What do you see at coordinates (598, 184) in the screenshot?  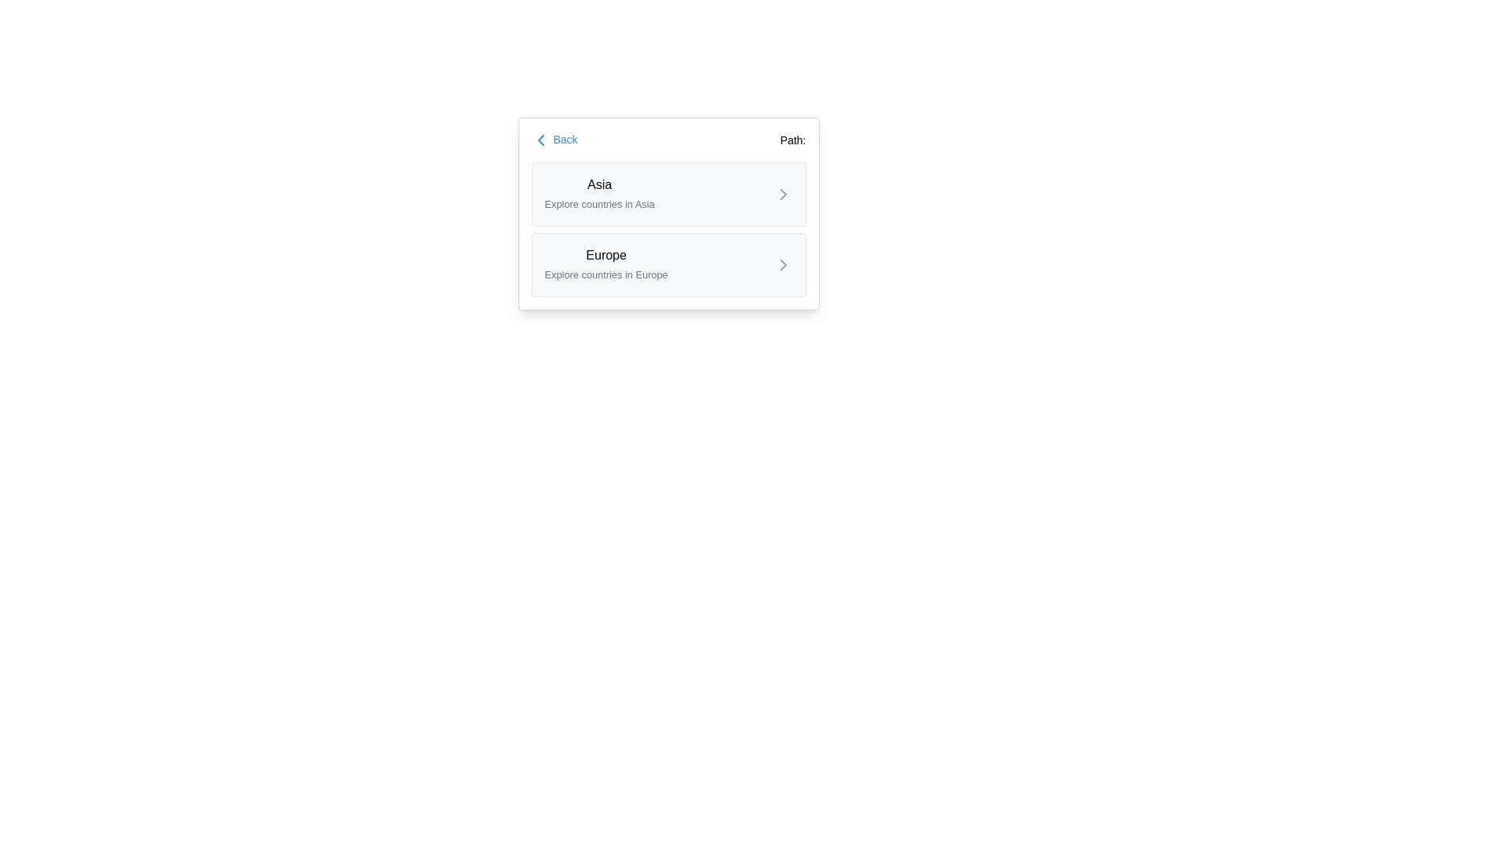 I see `the text label 'Asia', which serves as a heading for the content about Asian countries, located at the top of the content card` at bounding box center [598, 184].